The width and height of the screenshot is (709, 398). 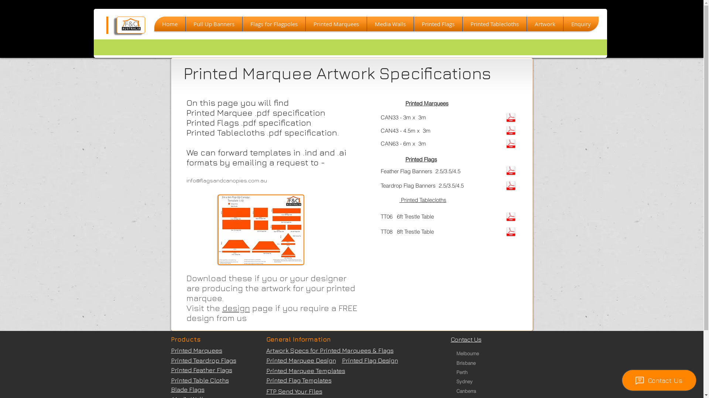 What do you see at coordinates (273, 24) in the screenshot?
I see `'Flags for Flagpoles'` at bounding box center [273, 24].